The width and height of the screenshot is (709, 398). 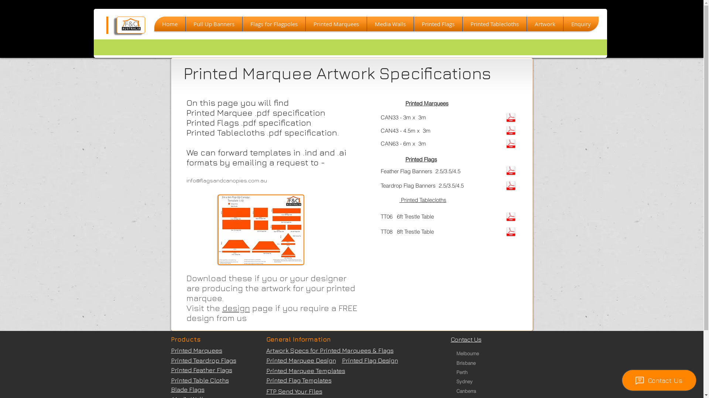 What do you see at coordinates (273, 24) in the screenshot?
I see `'Flags for Flagpoles'` at bounding box center [273, 24].